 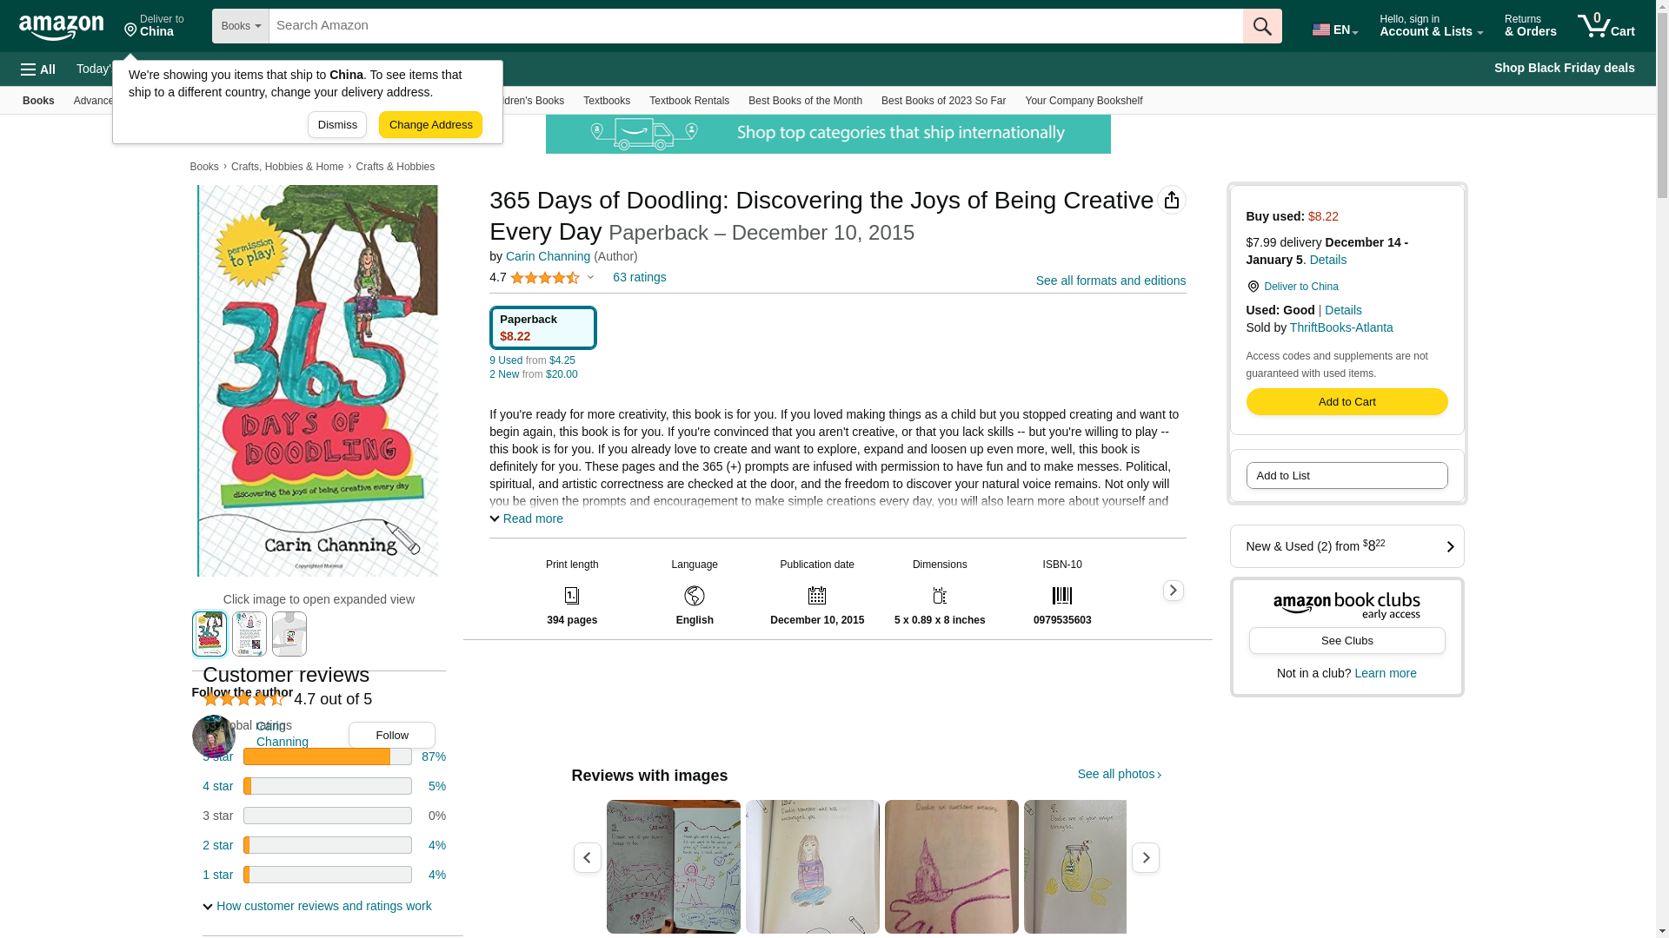 What do you see at coordinates (1606, 26) in the screenshot?
I see `'0` at bounding box center [1606, 26].